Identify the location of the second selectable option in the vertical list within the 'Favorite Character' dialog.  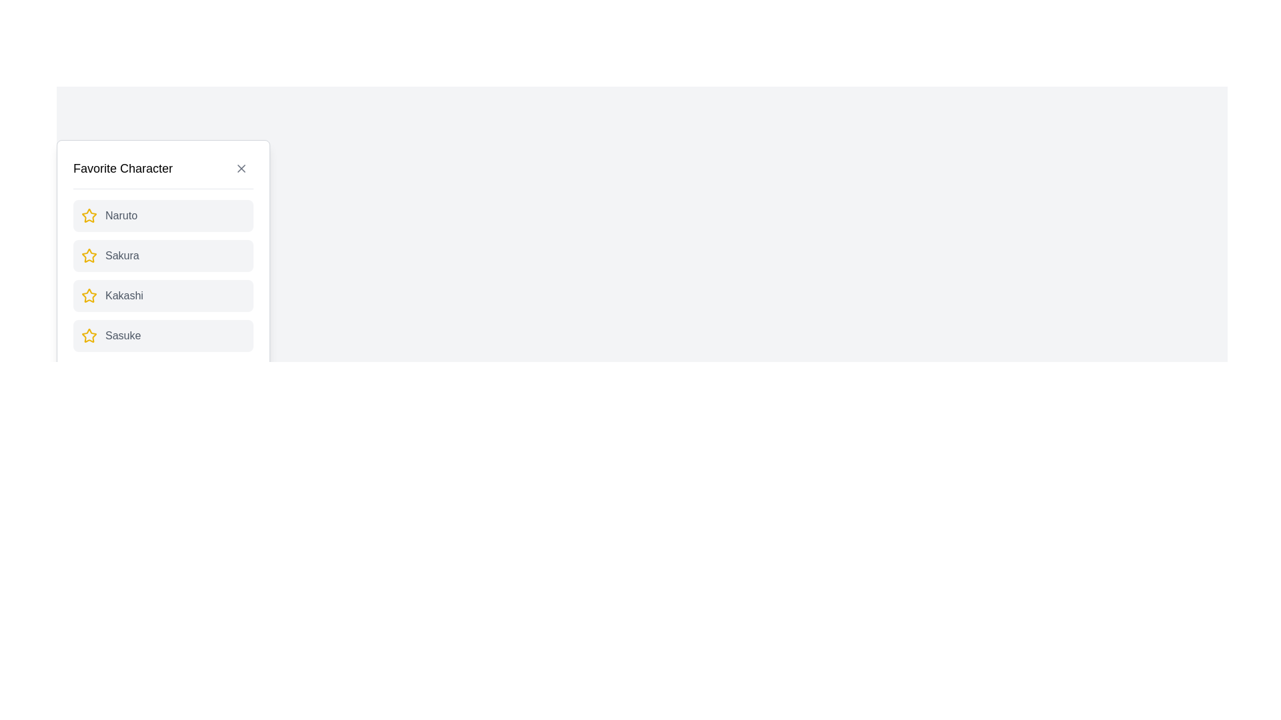
(162, 254).